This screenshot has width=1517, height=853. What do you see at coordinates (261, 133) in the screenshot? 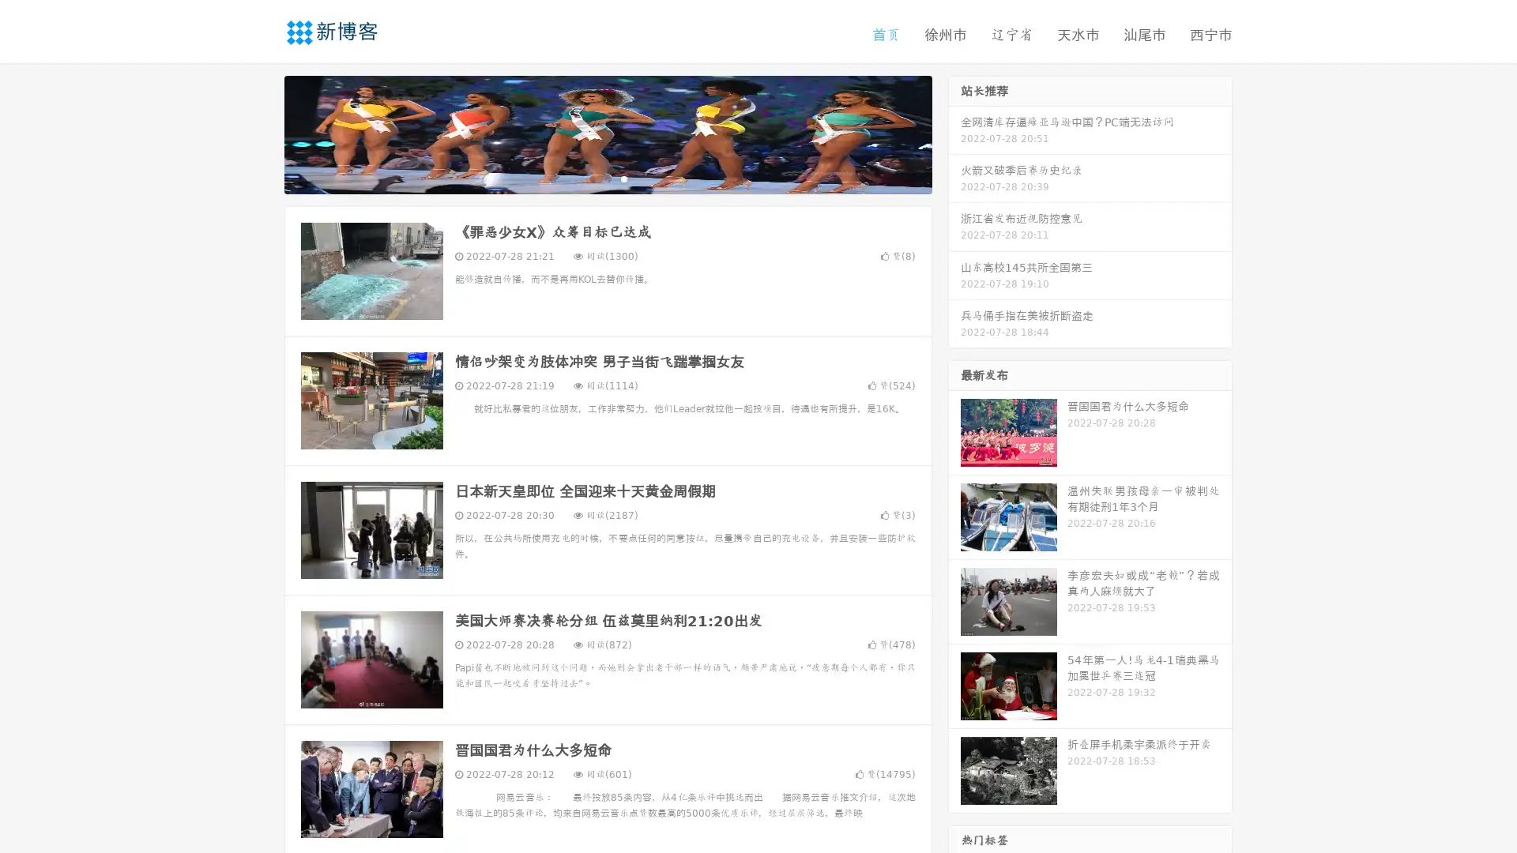
I see `Previous slide` at bounding box center [261, 133].